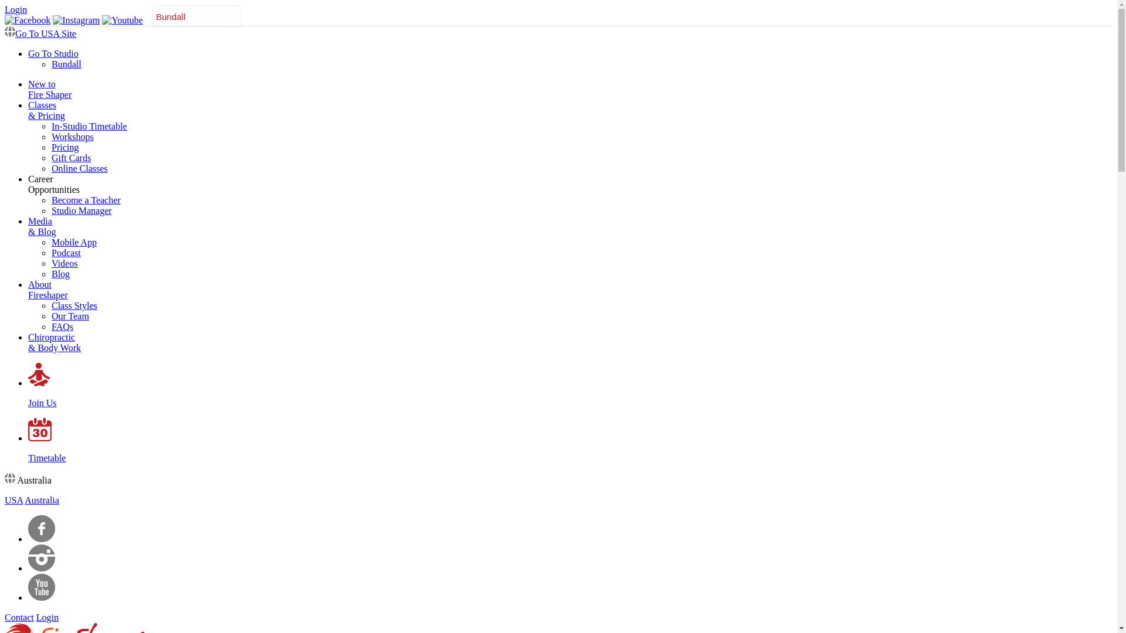  What do you see at coordinates (73, 241) in the screenshot?
I see `'Mobile App'` at bounding box center [73, 241].